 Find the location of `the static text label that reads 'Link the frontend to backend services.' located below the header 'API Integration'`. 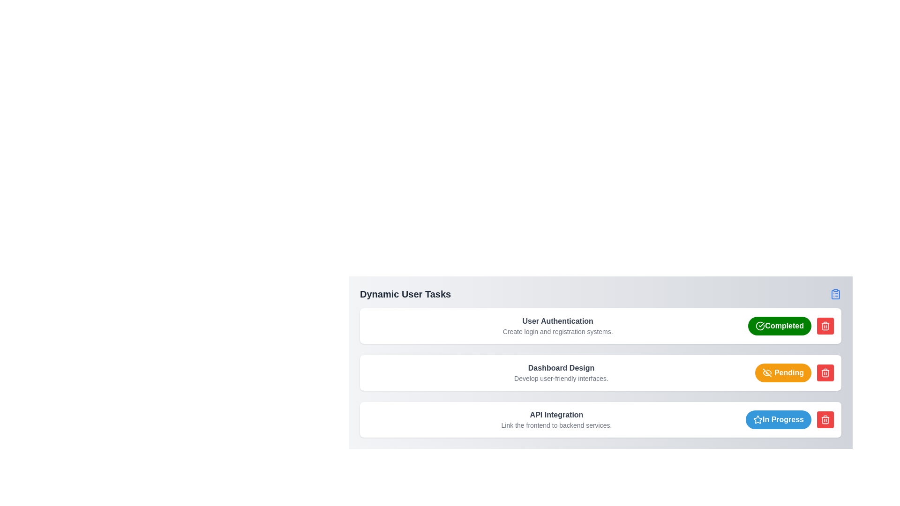

the static text label that reads 'Link the frontend to backend services.' located below the header 'API Integration' is located at coordinates (556, 425).